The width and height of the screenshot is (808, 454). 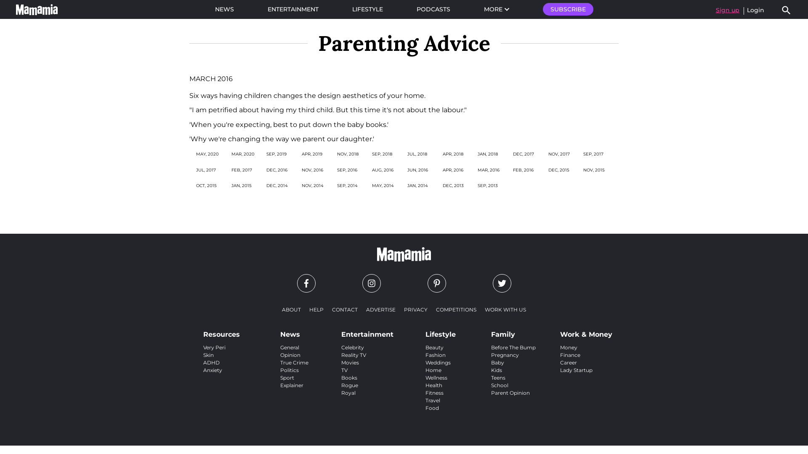 I want to click on 'Finance', so click(x=570, y=355).